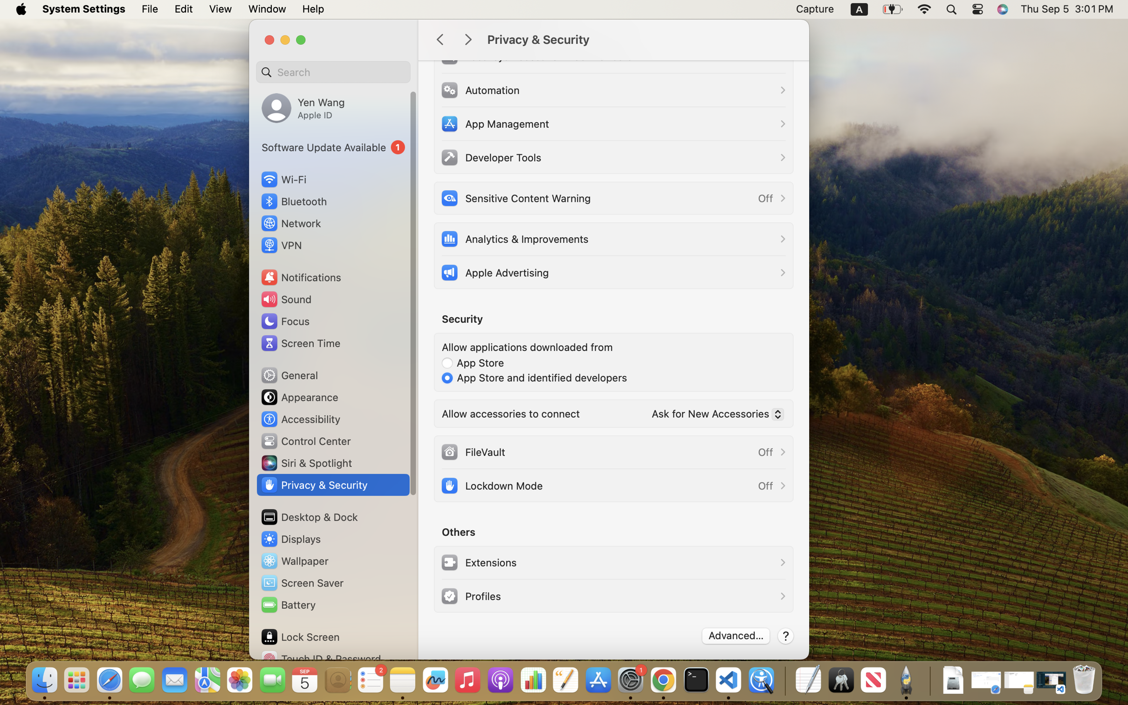 This screenshot has height=705, width=1128. I want to click on 'Wallpaper', so click(294, 561).